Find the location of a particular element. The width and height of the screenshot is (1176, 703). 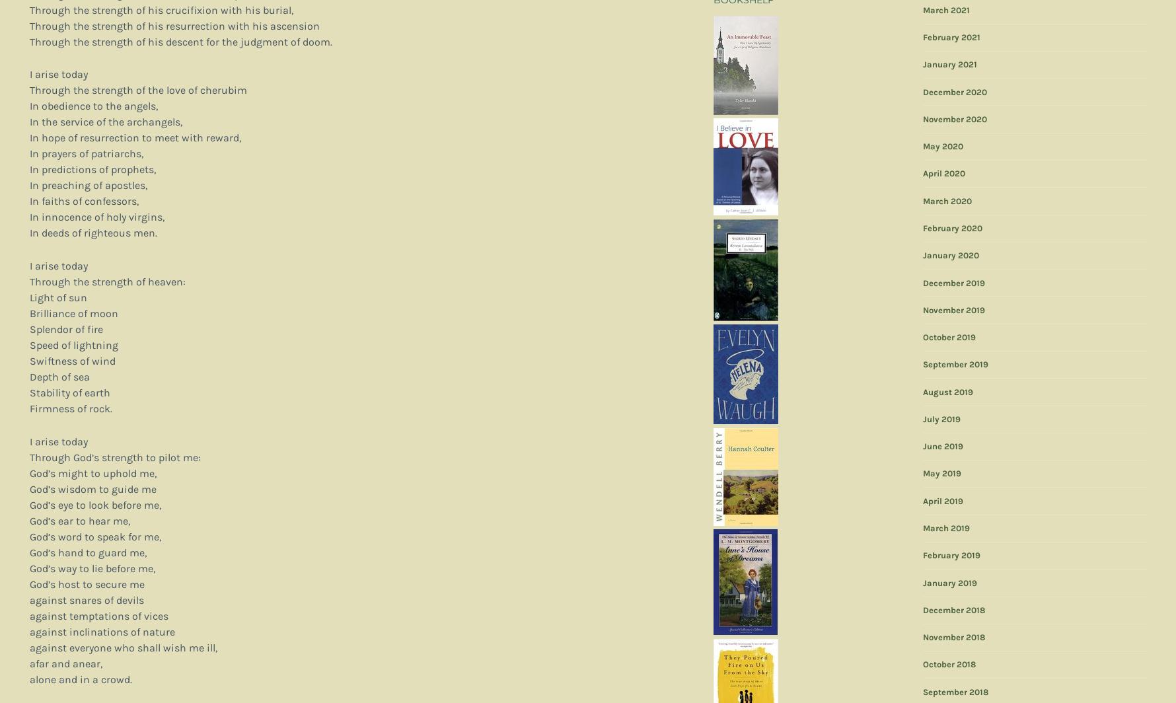

'November 2020' is located at coordinates (954, 118).